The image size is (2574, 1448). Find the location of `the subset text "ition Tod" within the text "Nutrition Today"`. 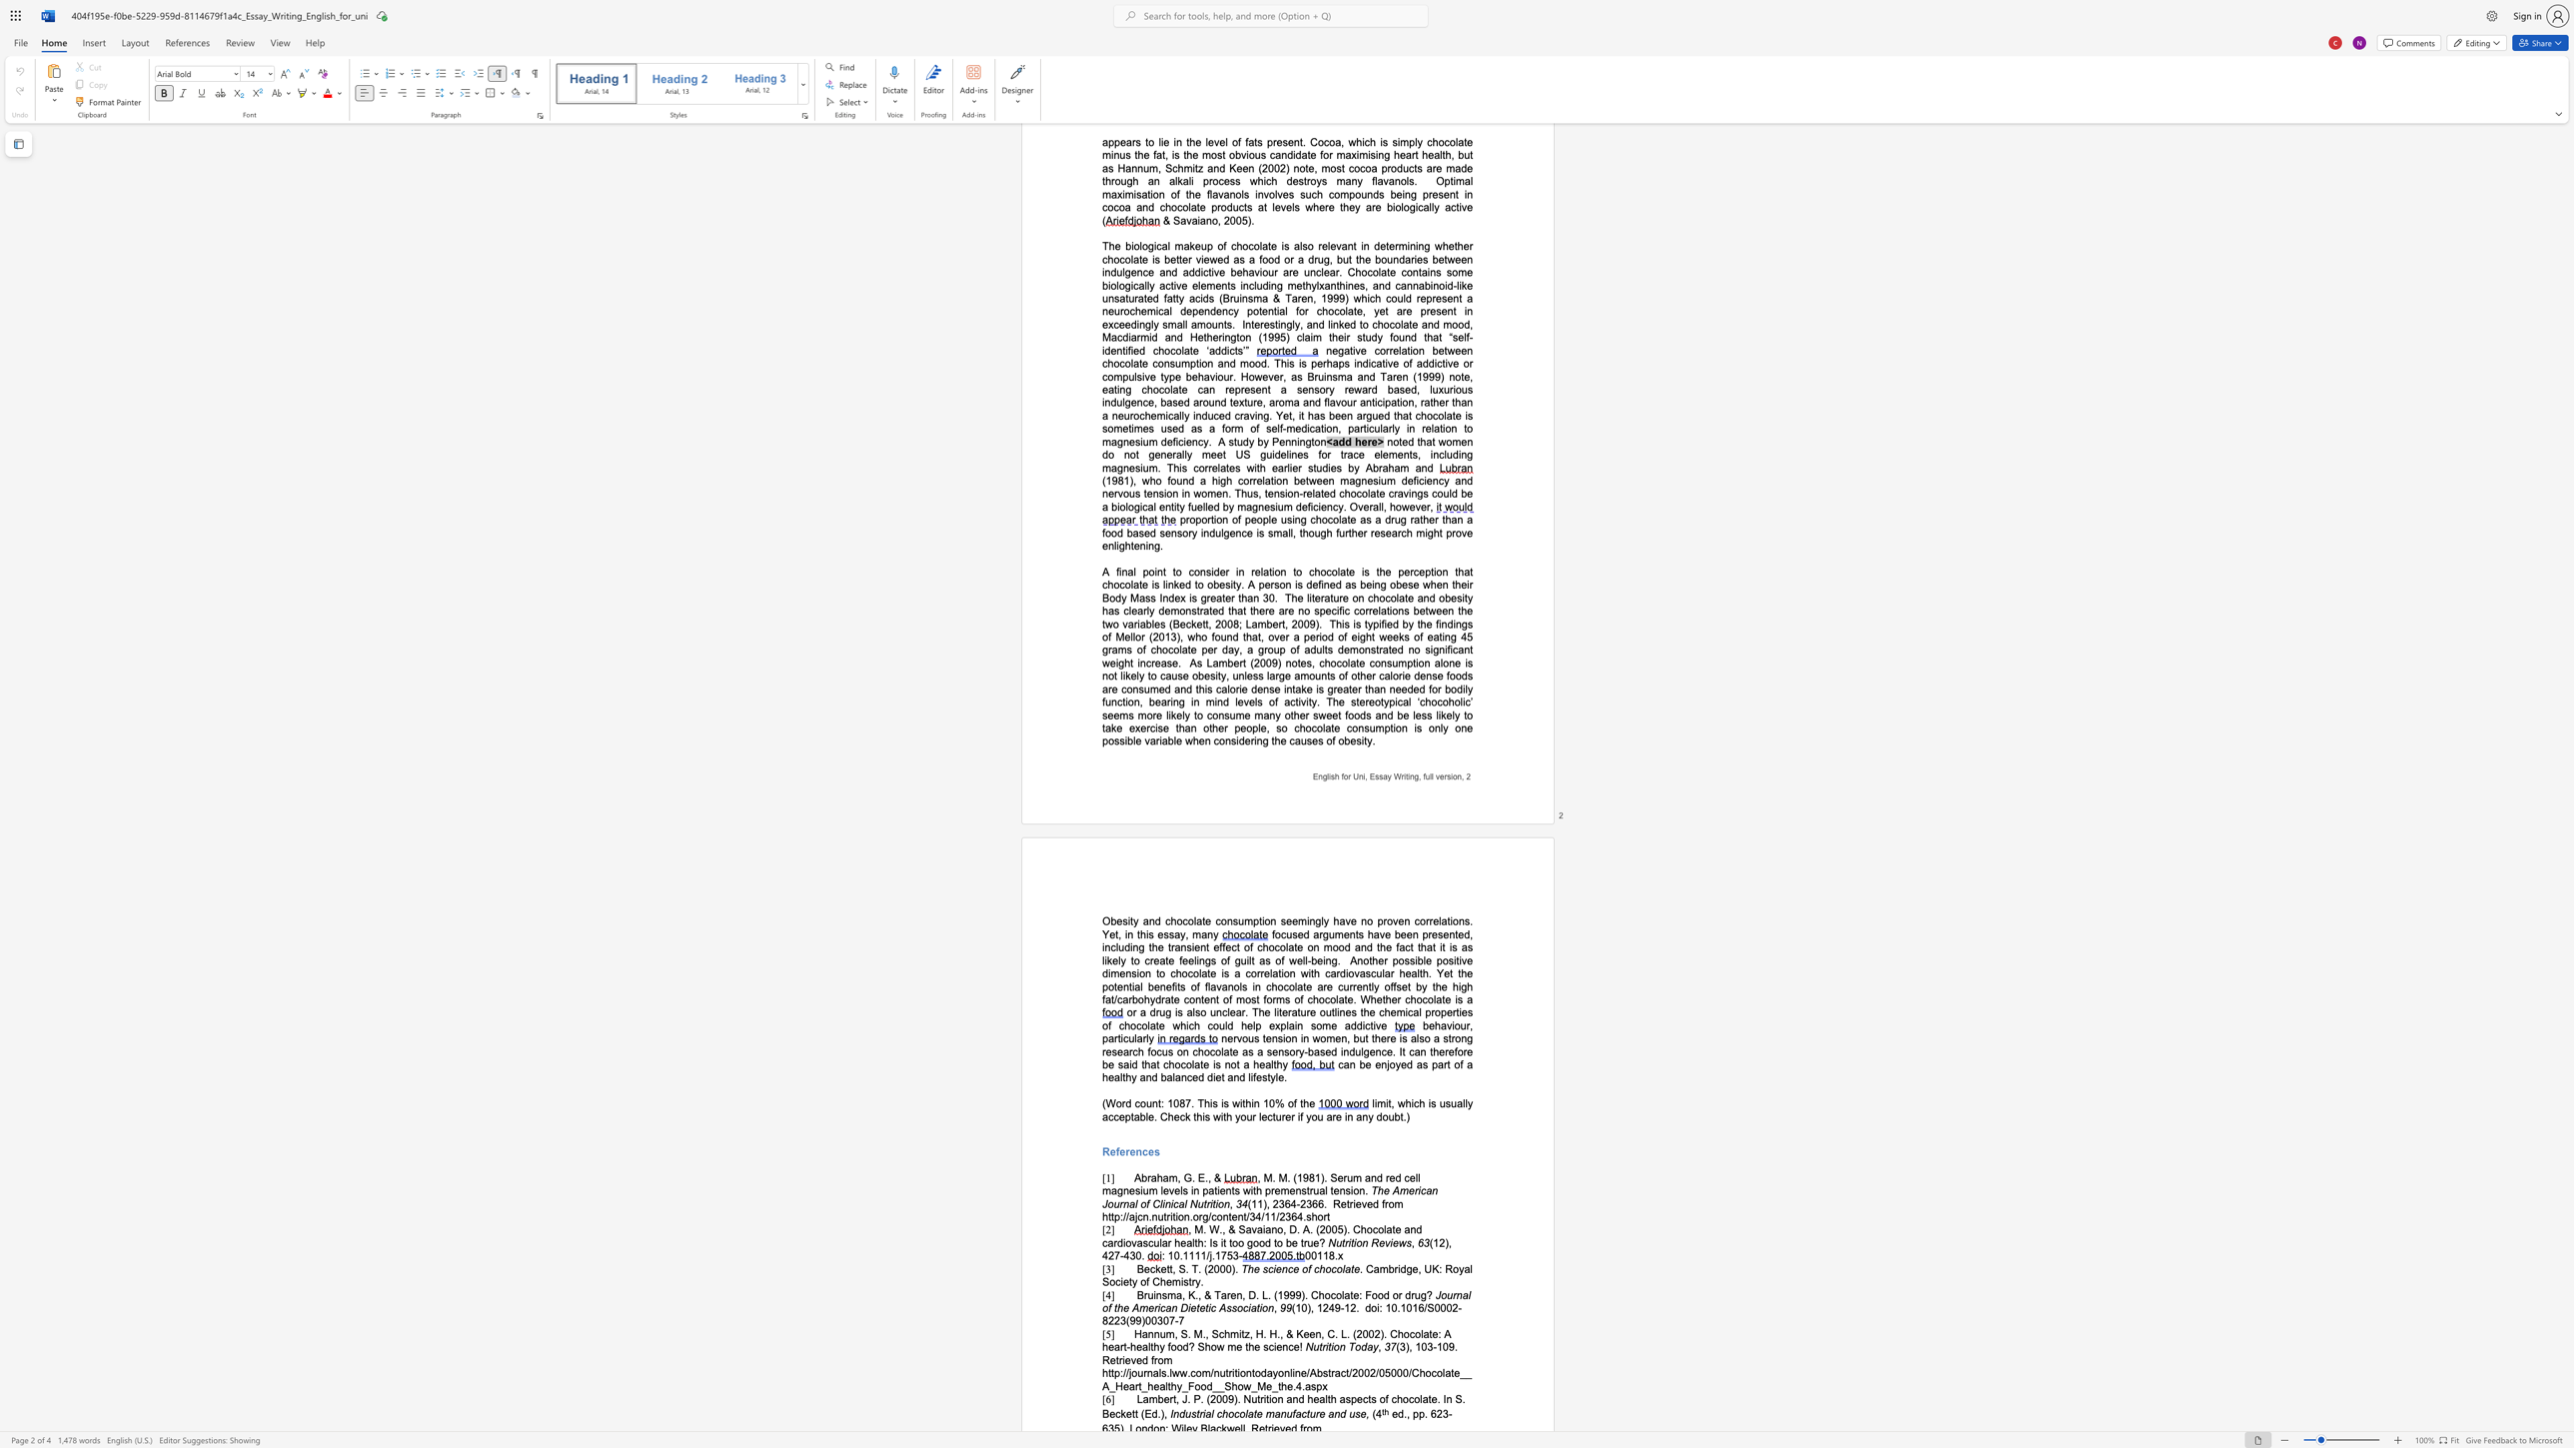

the subset text "ition Tod" within the text "Nutrition Today" is located at coordinates (1325, 1346).